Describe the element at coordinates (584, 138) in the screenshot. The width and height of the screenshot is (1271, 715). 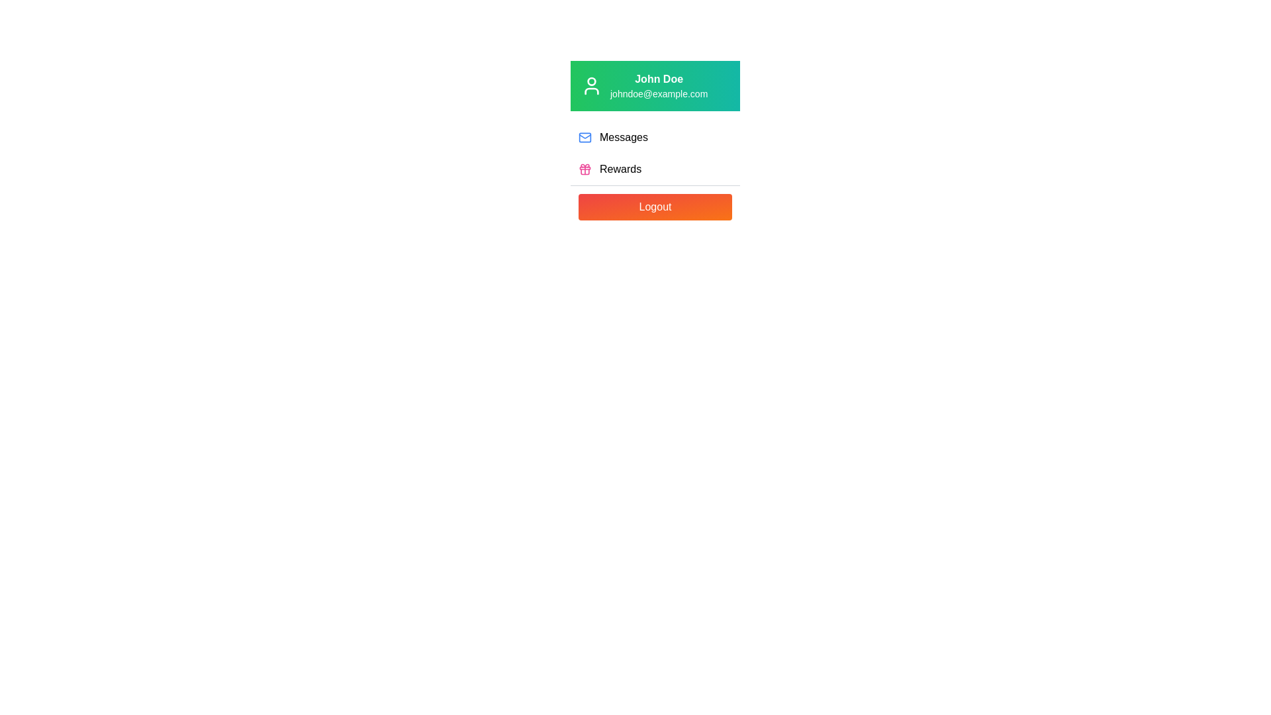
I see `the 'Messages' icon located on the left side of the text labeled 'Messages' in the vertical navigation menu` at that location.